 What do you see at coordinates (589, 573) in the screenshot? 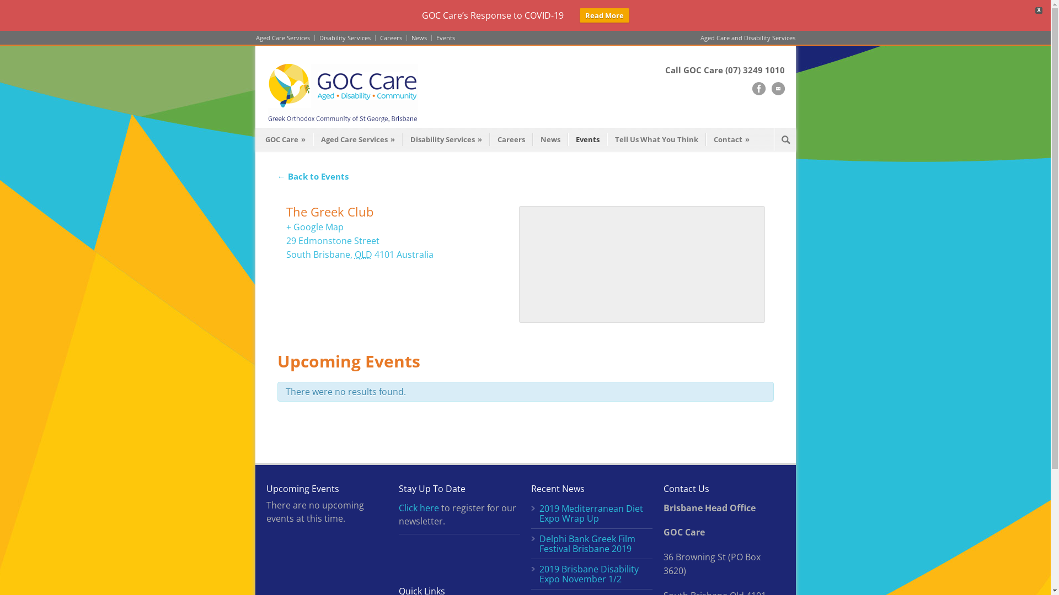
I see `'2019 Brisbane Disability Expo November 1/2'` at bounding box center [589, 573].